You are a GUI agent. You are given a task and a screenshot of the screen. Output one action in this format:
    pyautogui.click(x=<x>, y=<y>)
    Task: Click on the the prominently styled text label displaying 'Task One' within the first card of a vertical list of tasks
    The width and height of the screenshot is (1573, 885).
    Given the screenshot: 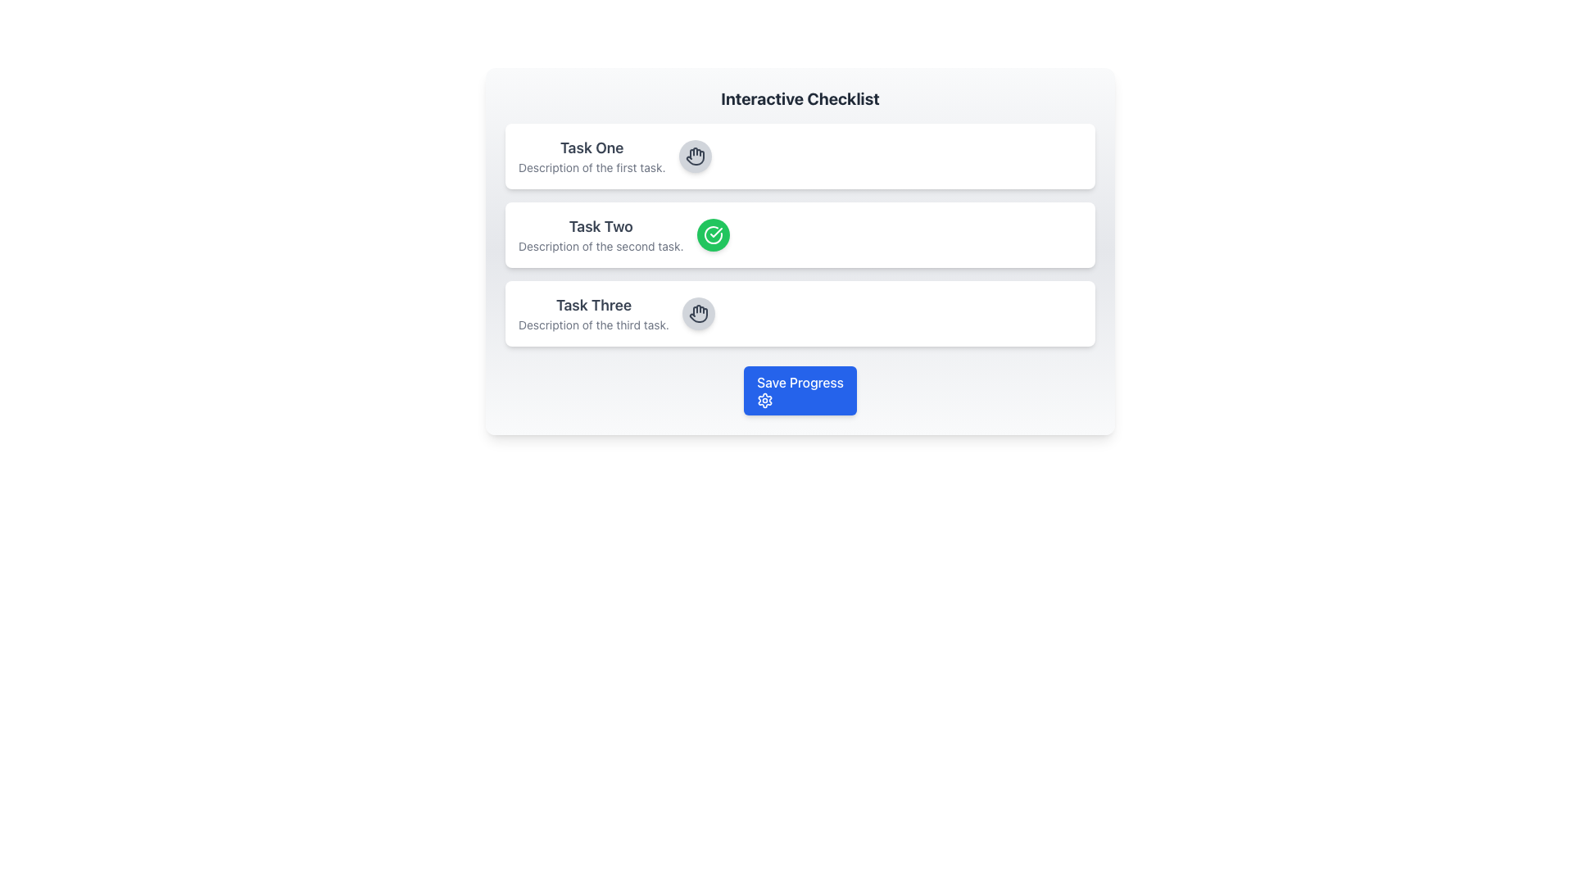 What is the action you would take?
    pyautogui.click(x=591, y=148)
    